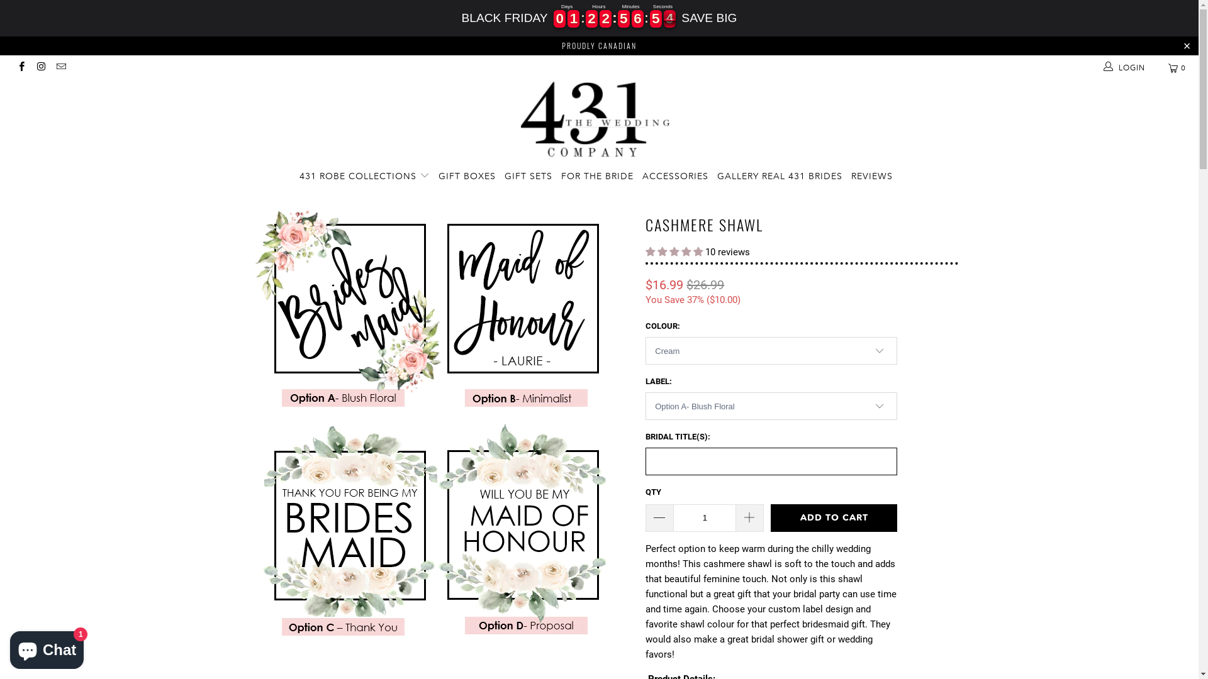  I want to click on 'ADD TO CART', so click(834, 518).